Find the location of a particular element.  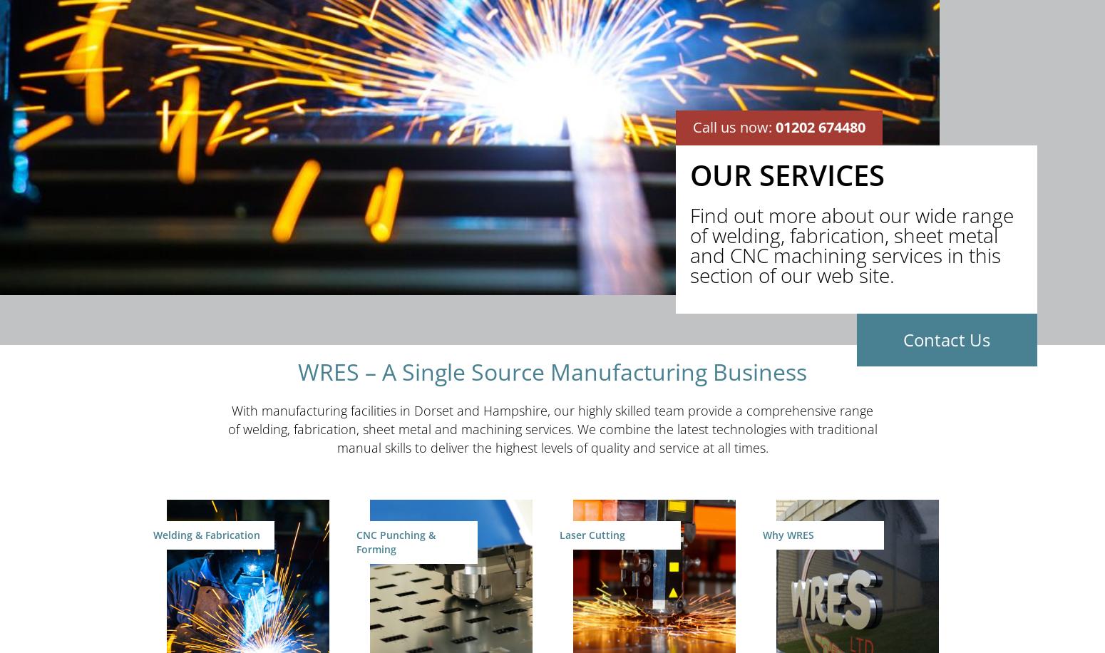

'Welding & Fabrication' is located at coordinates (207, 534).